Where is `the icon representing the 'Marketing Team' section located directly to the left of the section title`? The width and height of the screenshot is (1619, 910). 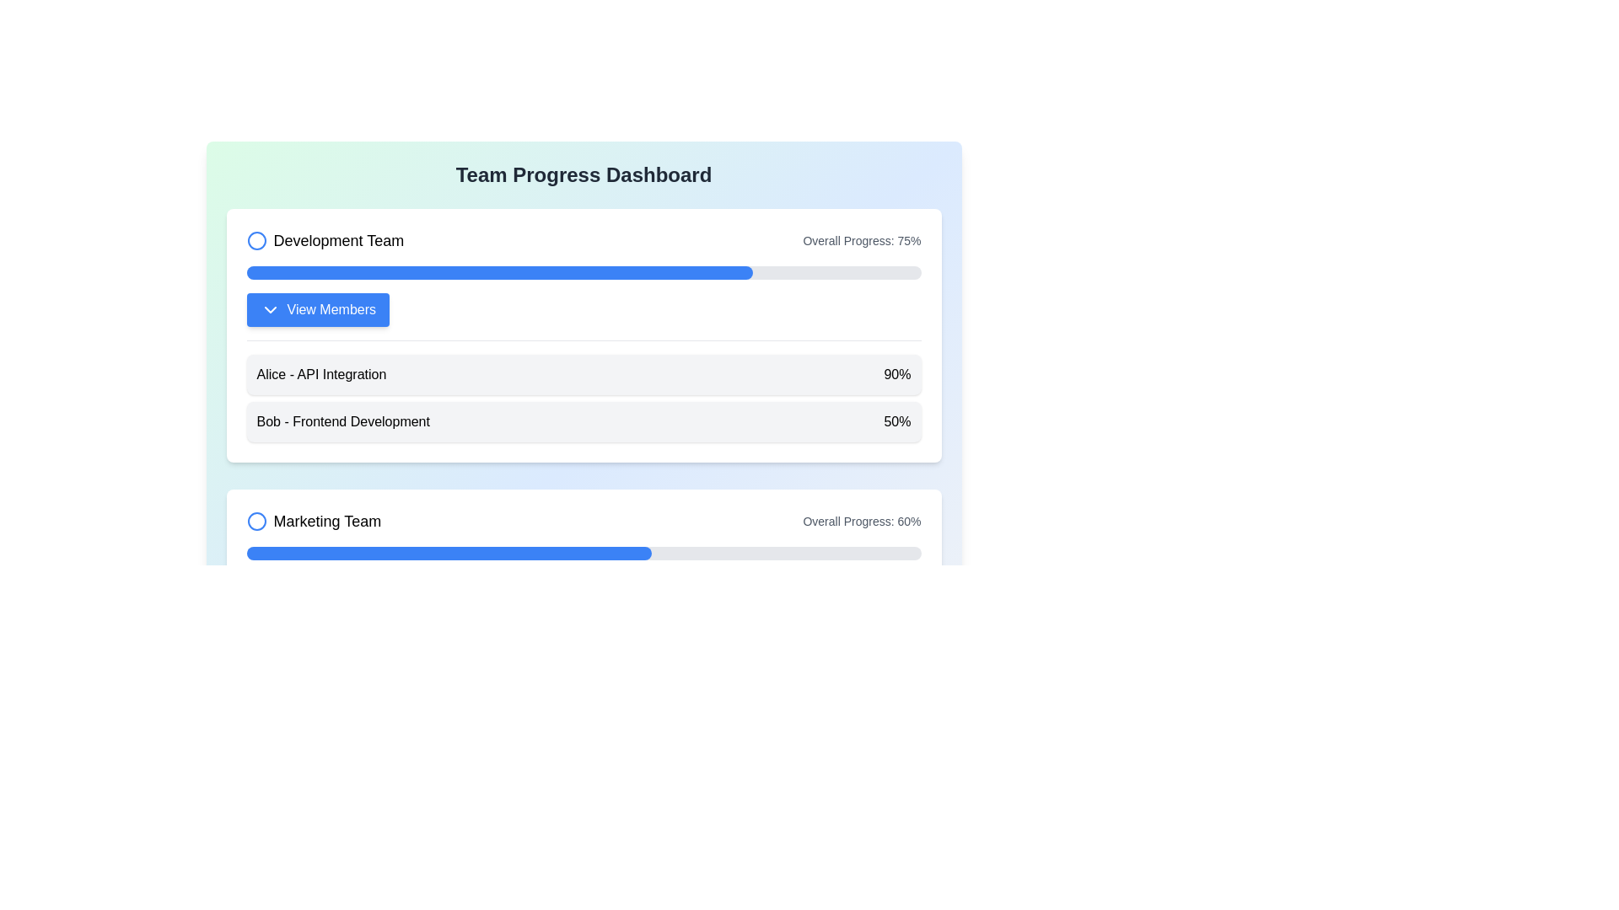 the icon representing the 'Marketing Team' section located directly to the left of the section title is located at coordinates (255, 520).